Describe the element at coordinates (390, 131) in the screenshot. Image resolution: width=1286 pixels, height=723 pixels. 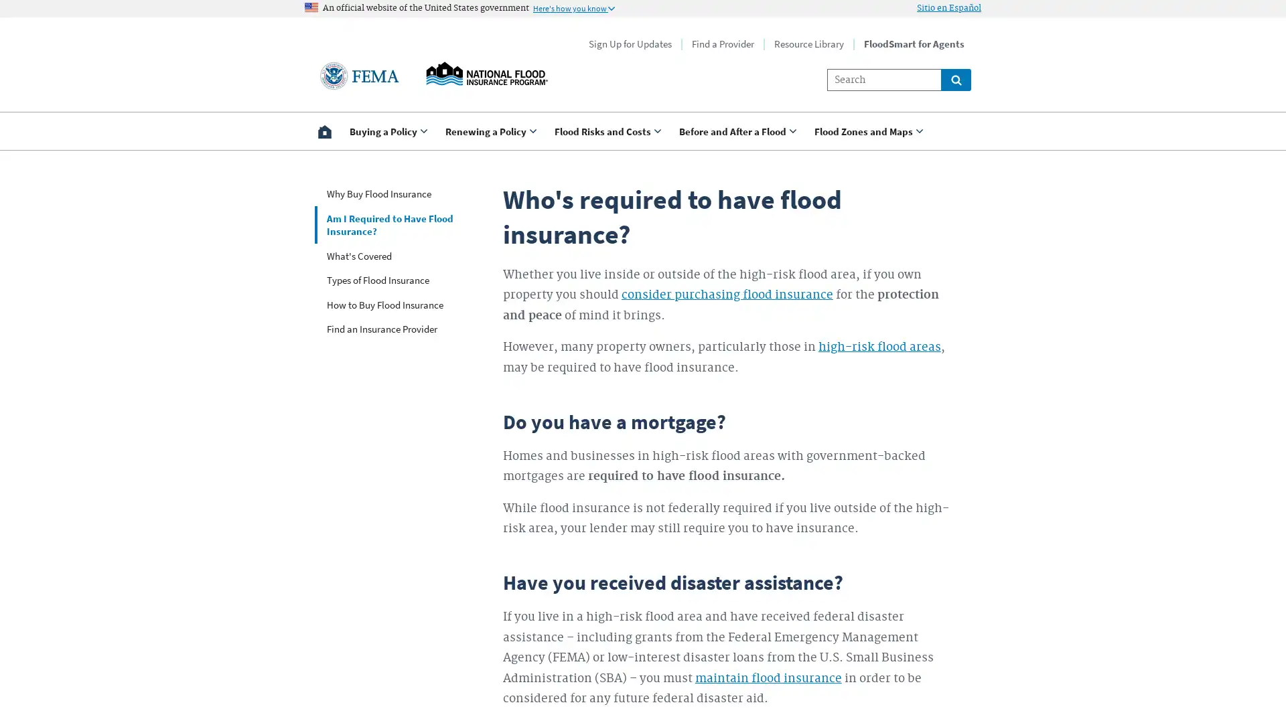
I see `Use <enter> and shift + <enter> to open and close the drop down to sub-menus` at that location.